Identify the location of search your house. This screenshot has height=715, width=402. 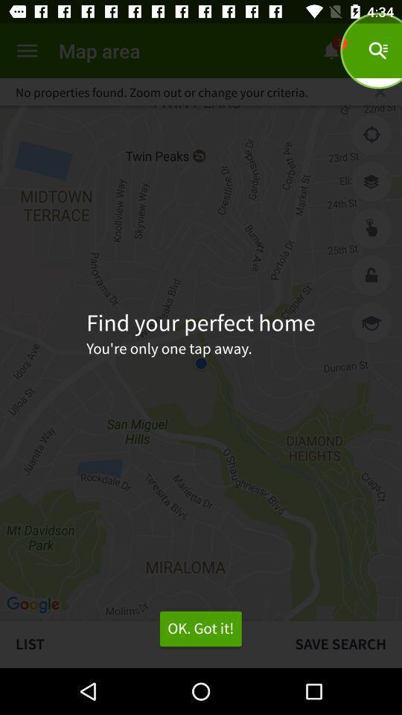
(371, 181).